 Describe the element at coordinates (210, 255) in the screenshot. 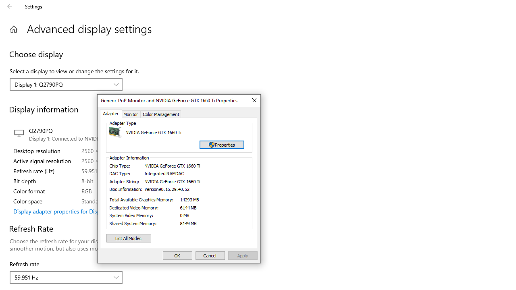

I see `'Cancel'` at that location.